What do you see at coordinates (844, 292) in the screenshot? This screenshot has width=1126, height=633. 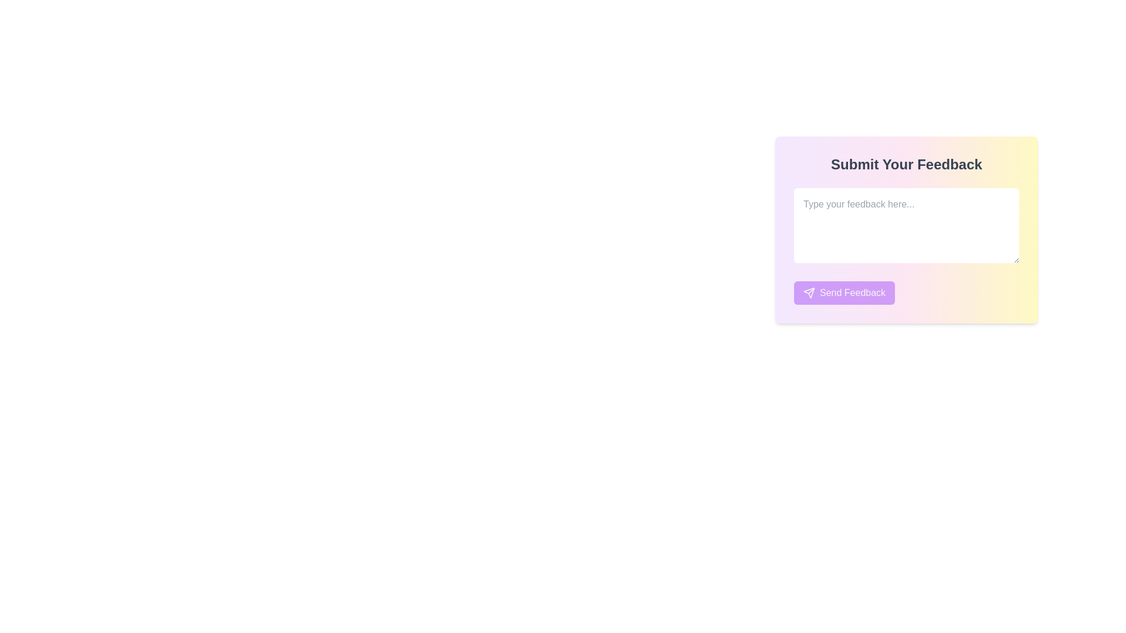 I see `the feedback submission button located at the bottom of the 'Submit Your Feedback' form` at bounding box center [844, 292].